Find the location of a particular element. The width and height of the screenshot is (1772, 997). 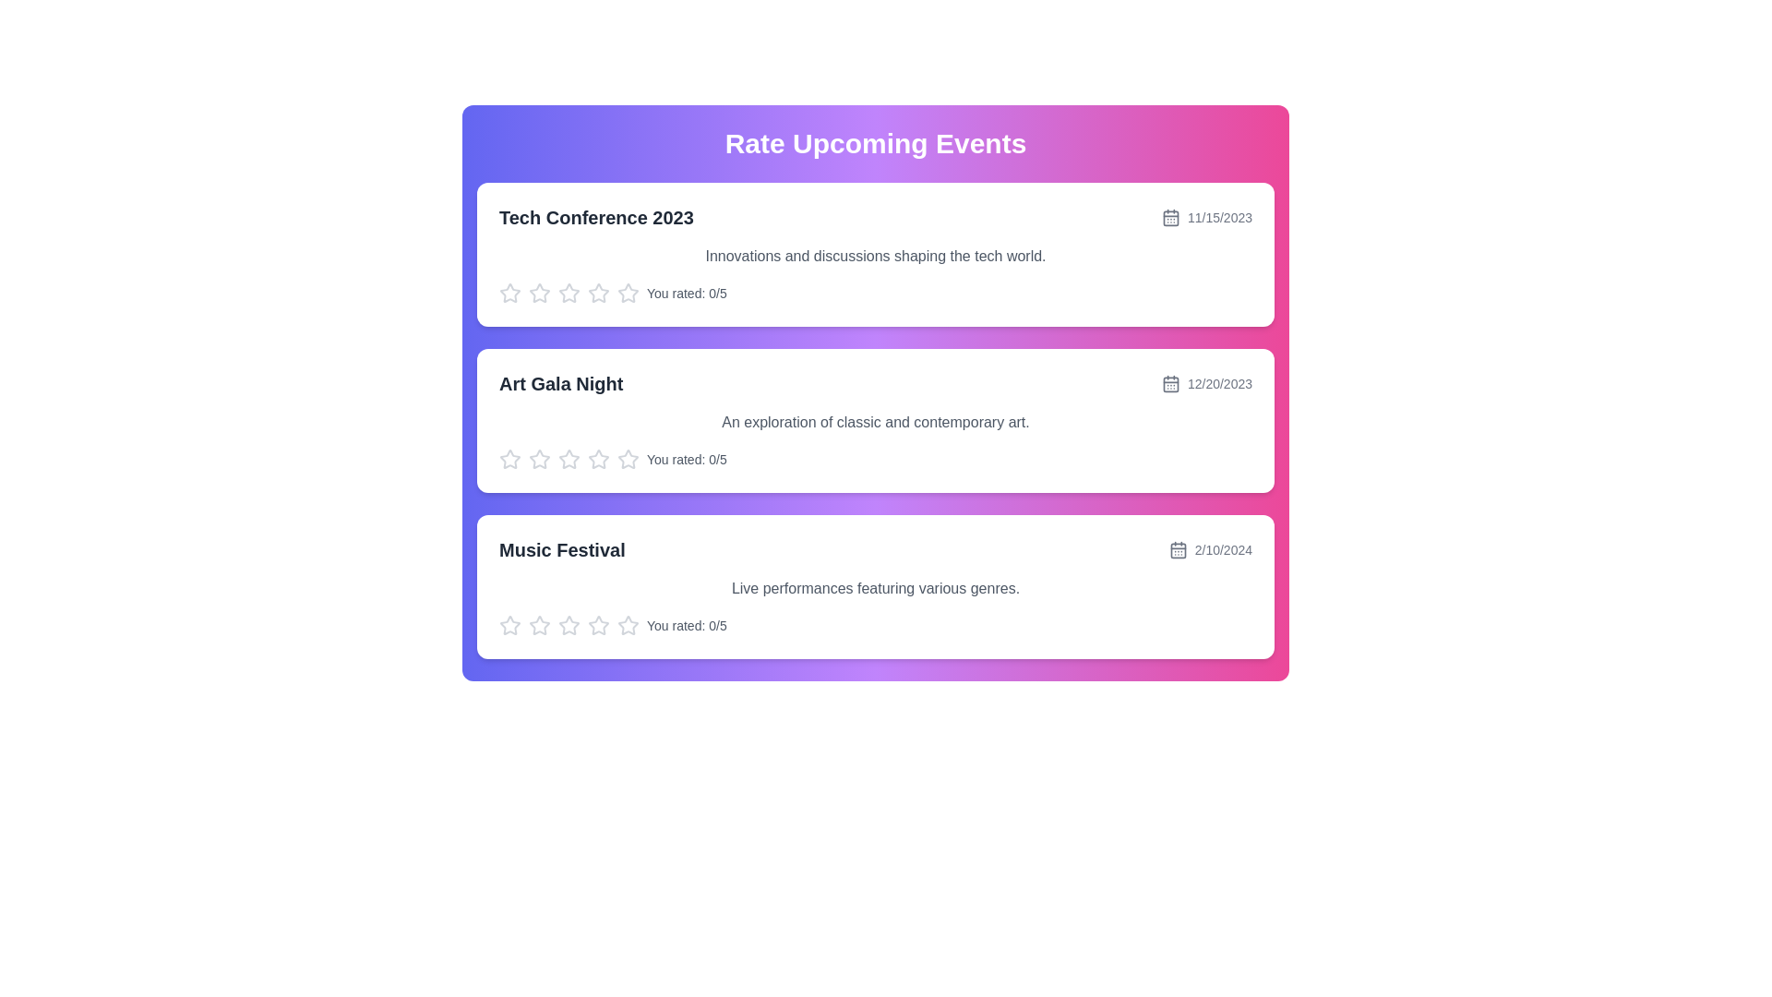

the third star in the rating system under the 'Art Gala Night' event card is located at coordinates (539, 458).